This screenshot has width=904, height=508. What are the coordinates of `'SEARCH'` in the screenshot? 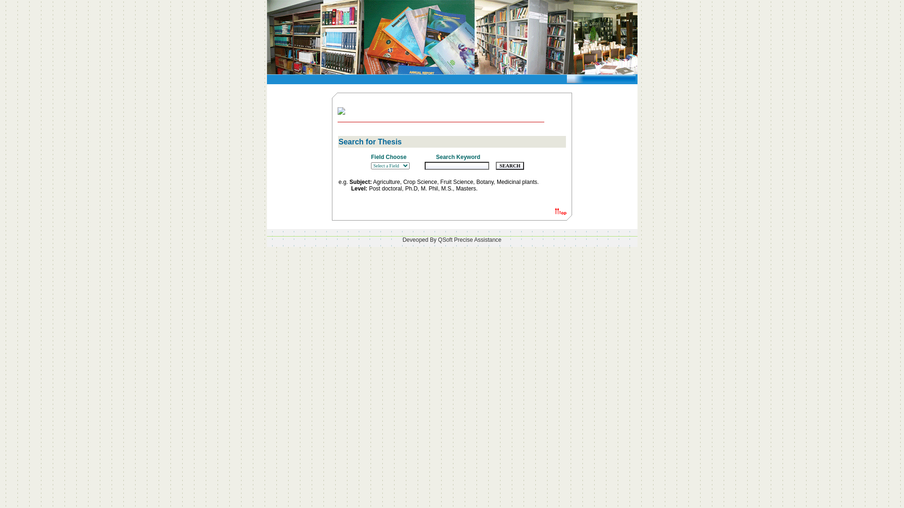 It's located at (509, 165).